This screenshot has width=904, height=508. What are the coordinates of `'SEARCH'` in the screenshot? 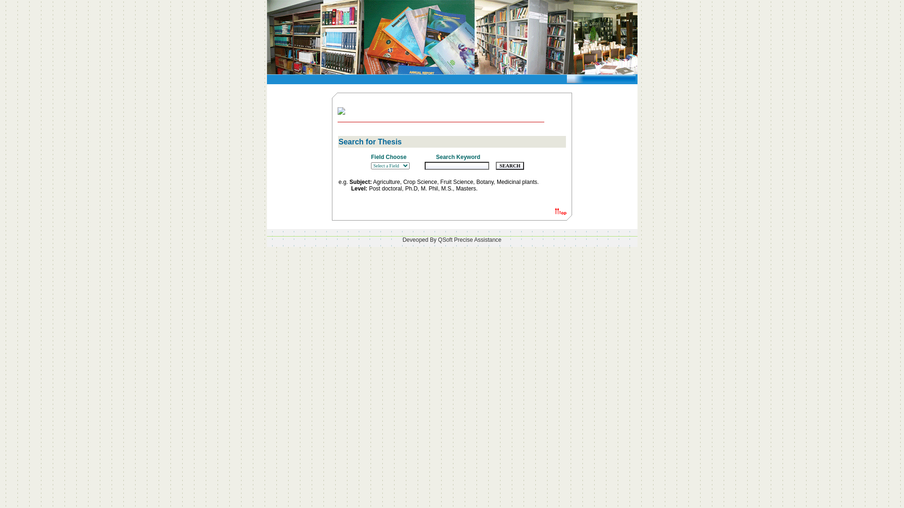 It's located at (509, 165).